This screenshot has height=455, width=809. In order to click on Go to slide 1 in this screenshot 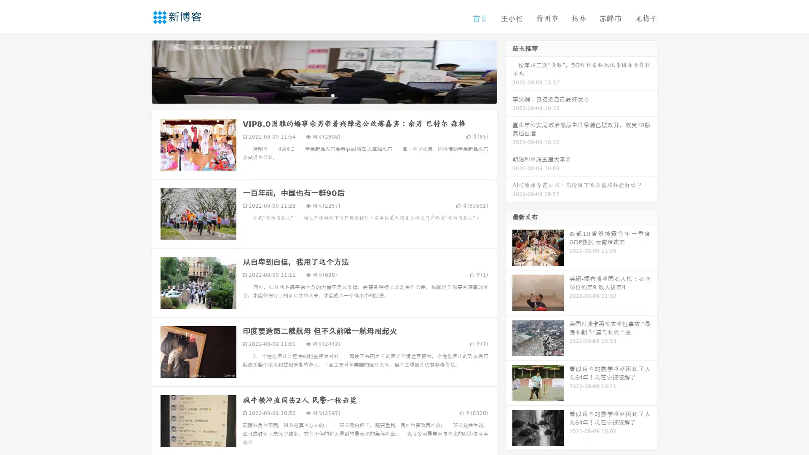, I will do `click(315, 95)`.